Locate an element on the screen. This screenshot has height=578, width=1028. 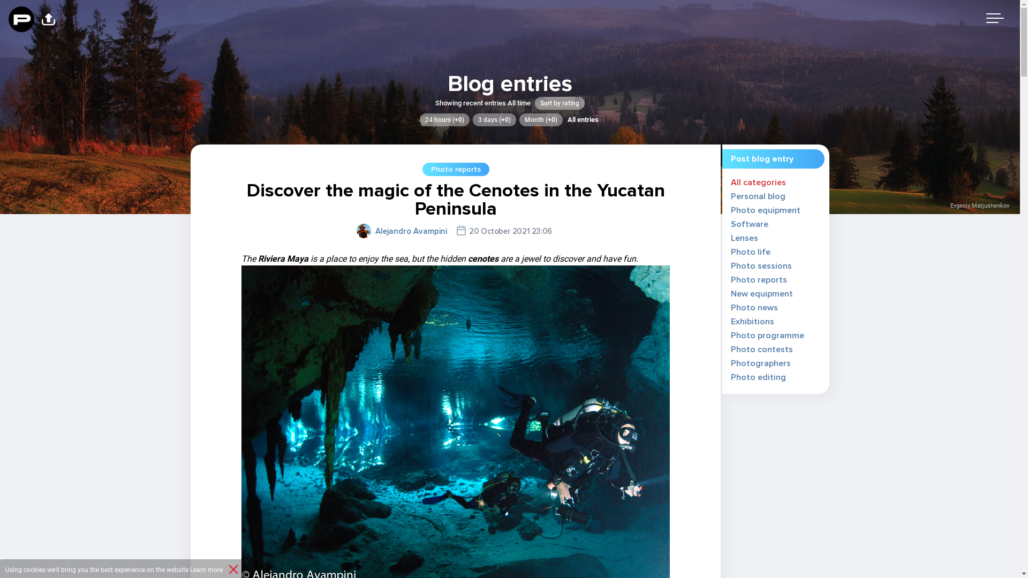
'Photo equipment' is located at coordinates (765, 210).